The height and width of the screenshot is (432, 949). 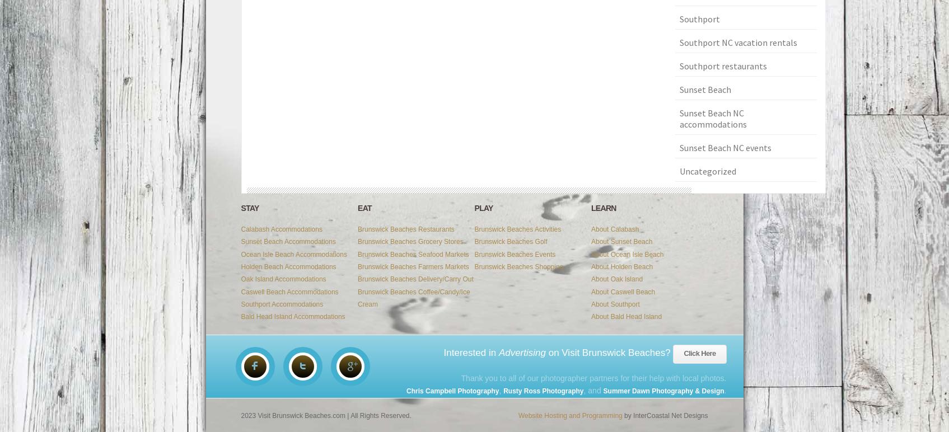 I want to click on 'Brunswick Beaches Coffee/Candy/Ice Cream', so click(x=413, y=298).